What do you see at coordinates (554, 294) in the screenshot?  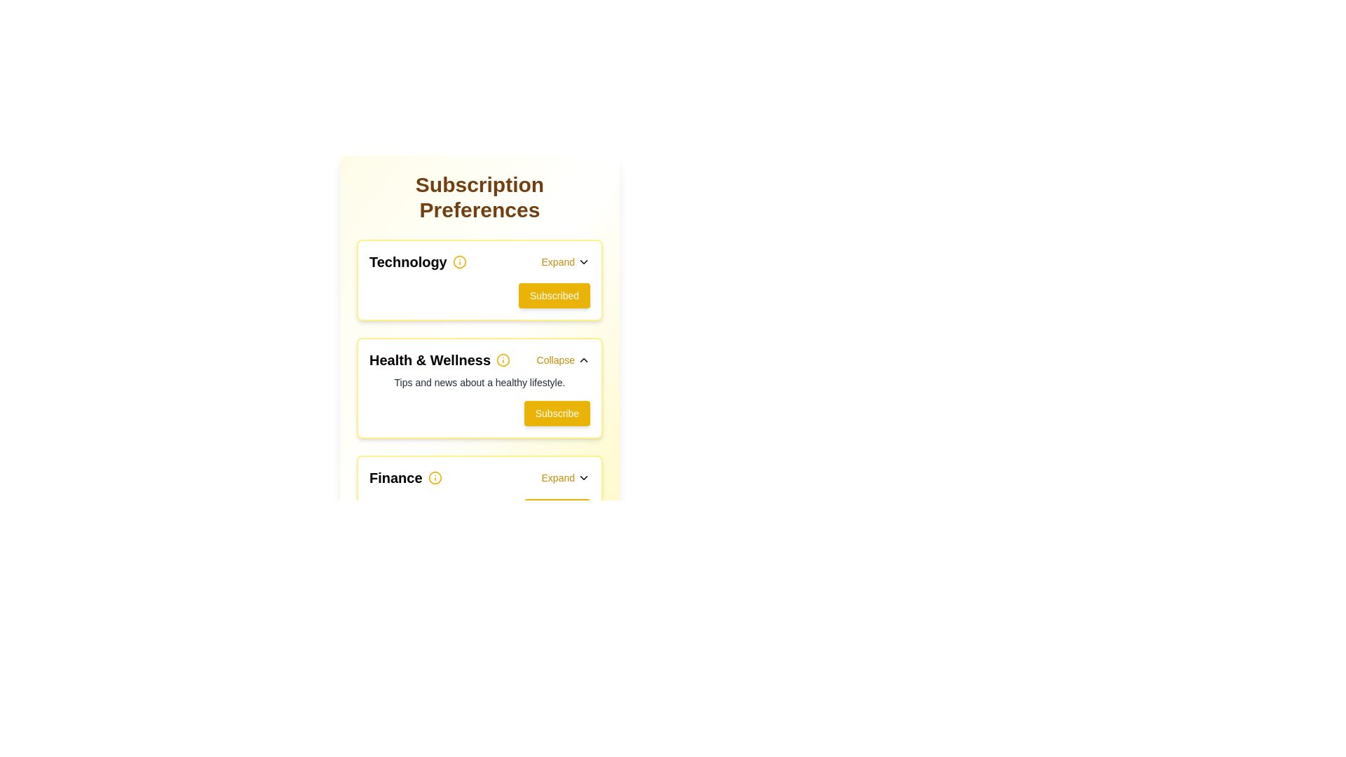 I see `the 'Subscribed' button with a yellow background located under the 'Technology' section` at bounding box center [554, 294].